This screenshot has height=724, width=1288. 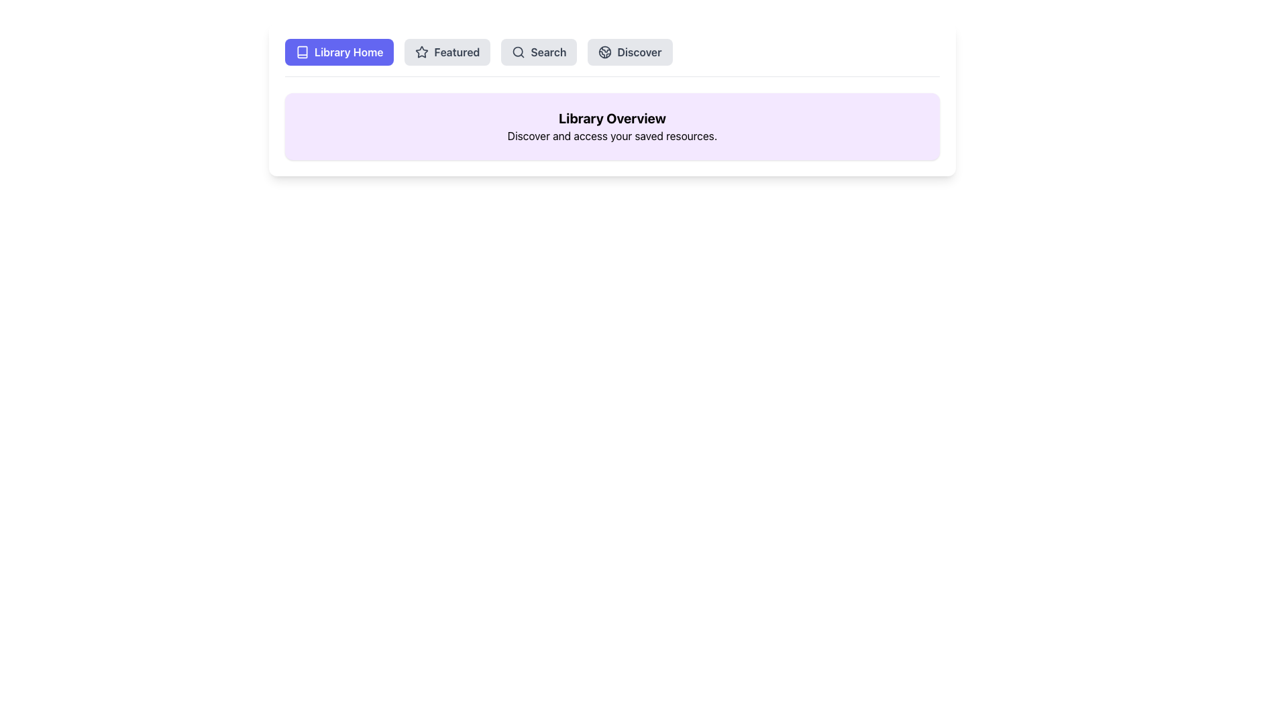 What do you see at coordinates (539, 51) in the screenshot?
I see `the Search button located in the horizontal navigation bar, positioned between the 'Featured' and 'Discover' buttons` at bounding box center [539, 51].